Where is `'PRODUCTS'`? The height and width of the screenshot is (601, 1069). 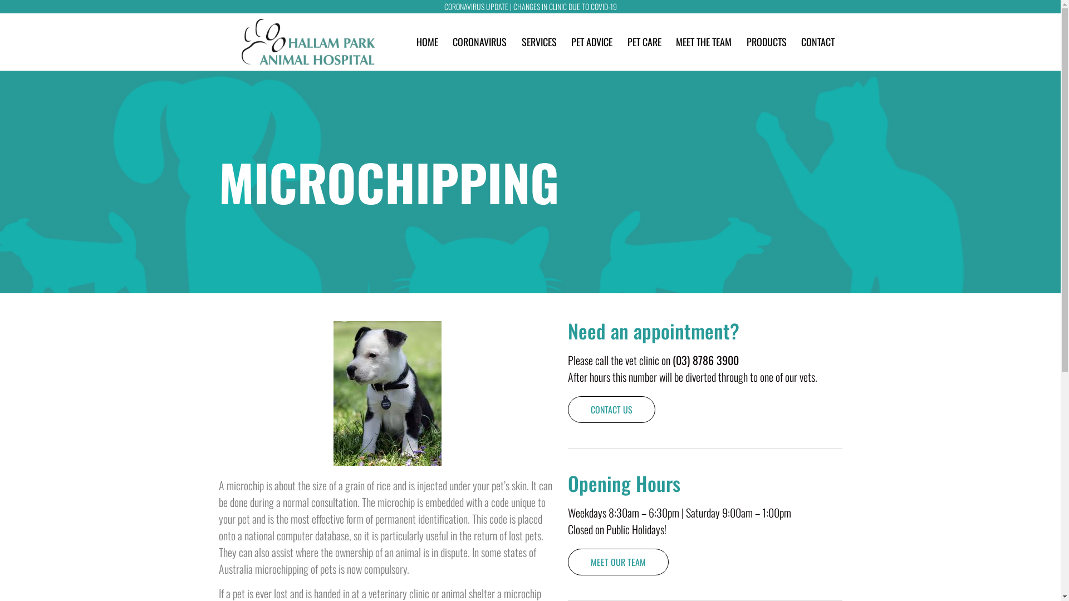
'PRODUCTS' is located at coordinates (766, 41).